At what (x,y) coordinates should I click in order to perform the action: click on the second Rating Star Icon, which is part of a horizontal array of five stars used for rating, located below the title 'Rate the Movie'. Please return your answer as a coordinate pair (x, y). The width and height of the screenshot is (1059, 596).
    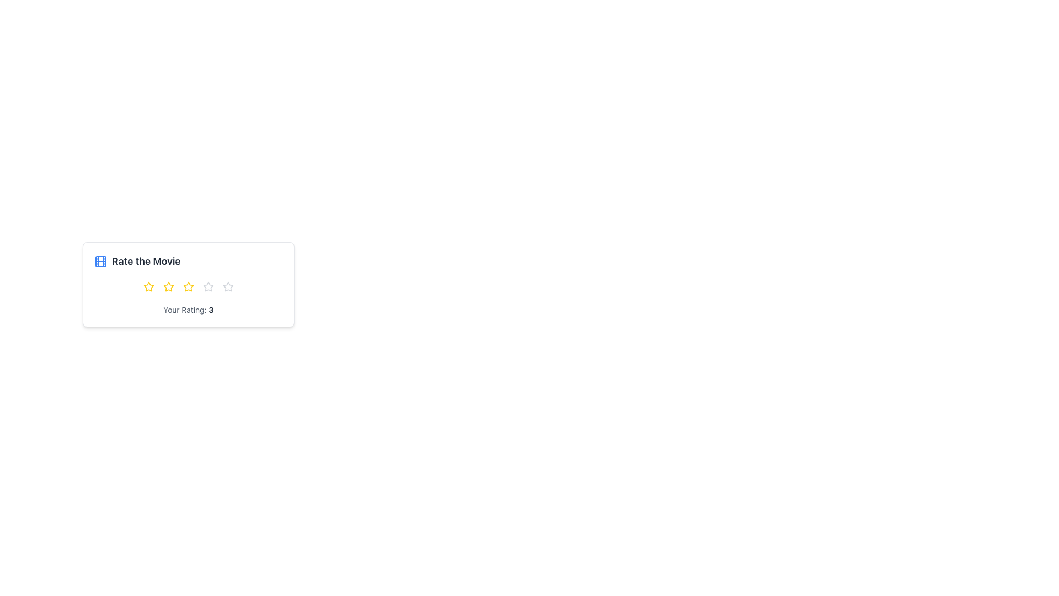
    Looking at the image, I should click on (148, 286).